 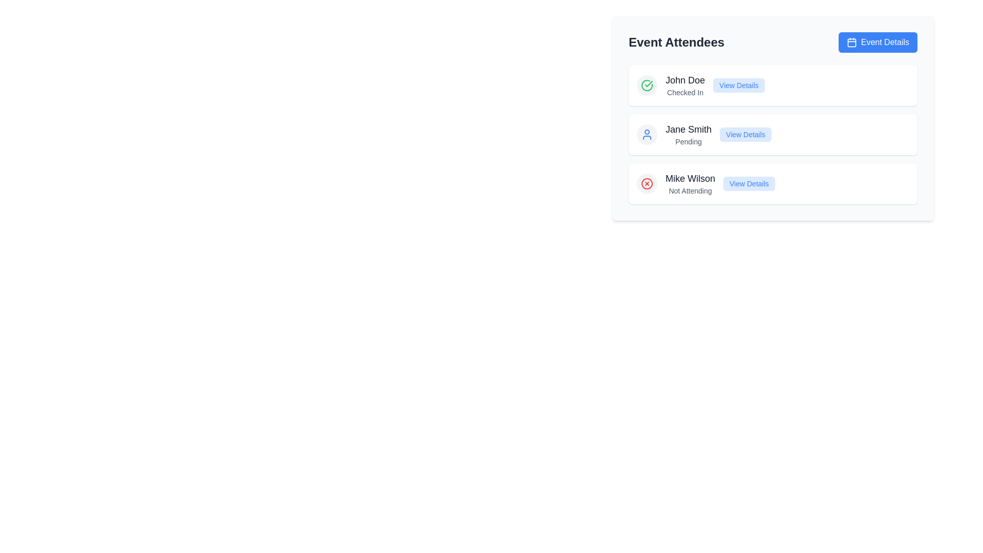 What do you see at coordinates (773, 84) in the screenshot?
I see `the 'View Details' link for the attendee 'John Doe' in the Event Attendees section` at bounding box center [773, 84].